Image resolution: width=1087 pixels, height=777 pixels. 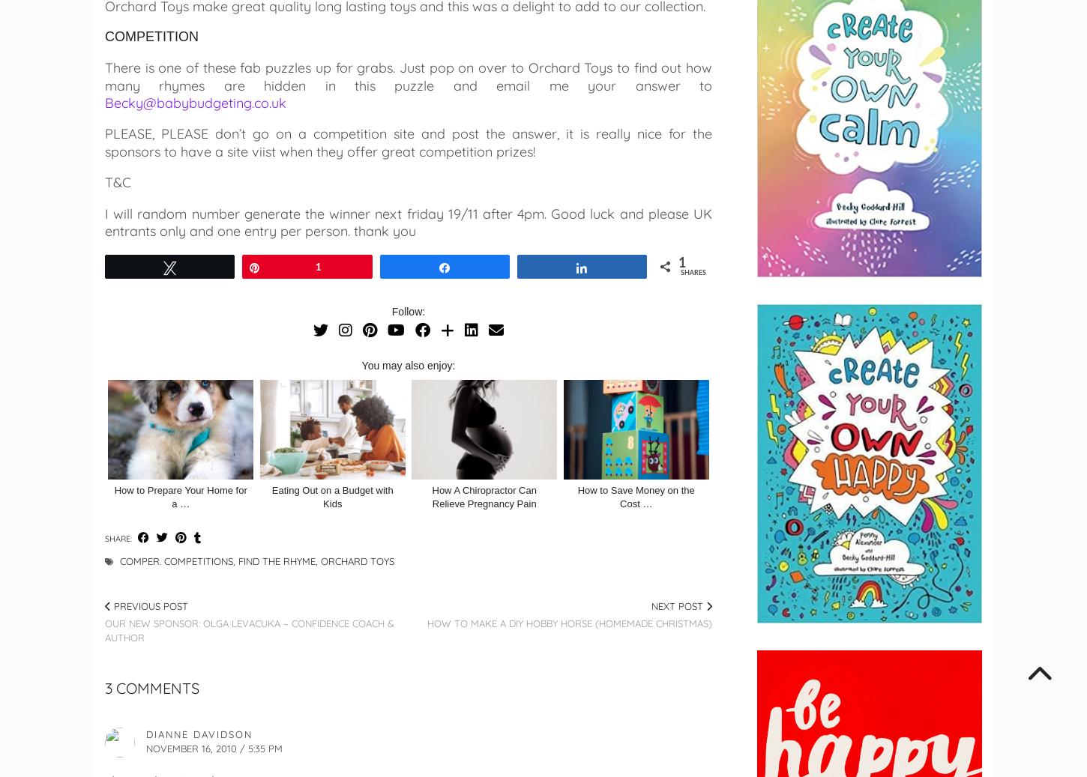 I want to click on 'There is one of these fab puzzles up for grabs. Just pop on over to Orchard Toys to find out how many rhymes are hidden in this puzzle and email me your answer to', so click(x=409, y=76).